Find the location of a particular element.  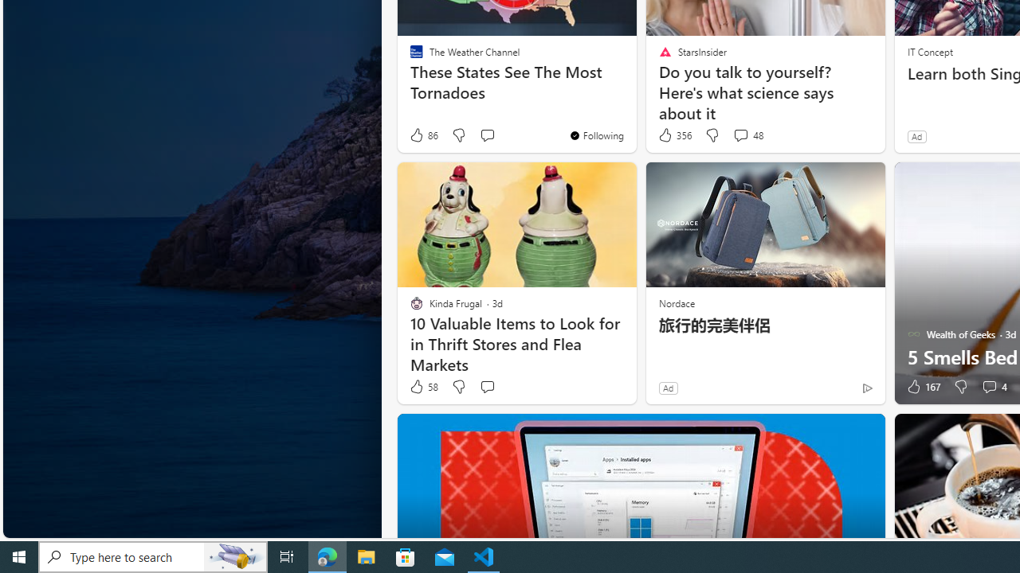

'356 Like' is located at coordinates (674, 134).